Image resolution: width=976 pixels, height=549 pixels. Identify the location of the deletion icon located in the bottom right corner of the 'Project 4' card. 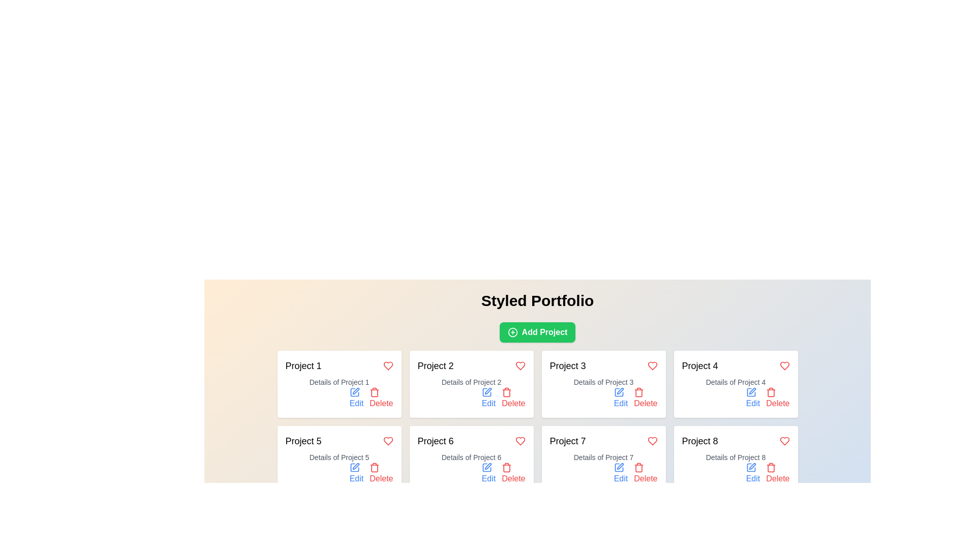
(771, 391).